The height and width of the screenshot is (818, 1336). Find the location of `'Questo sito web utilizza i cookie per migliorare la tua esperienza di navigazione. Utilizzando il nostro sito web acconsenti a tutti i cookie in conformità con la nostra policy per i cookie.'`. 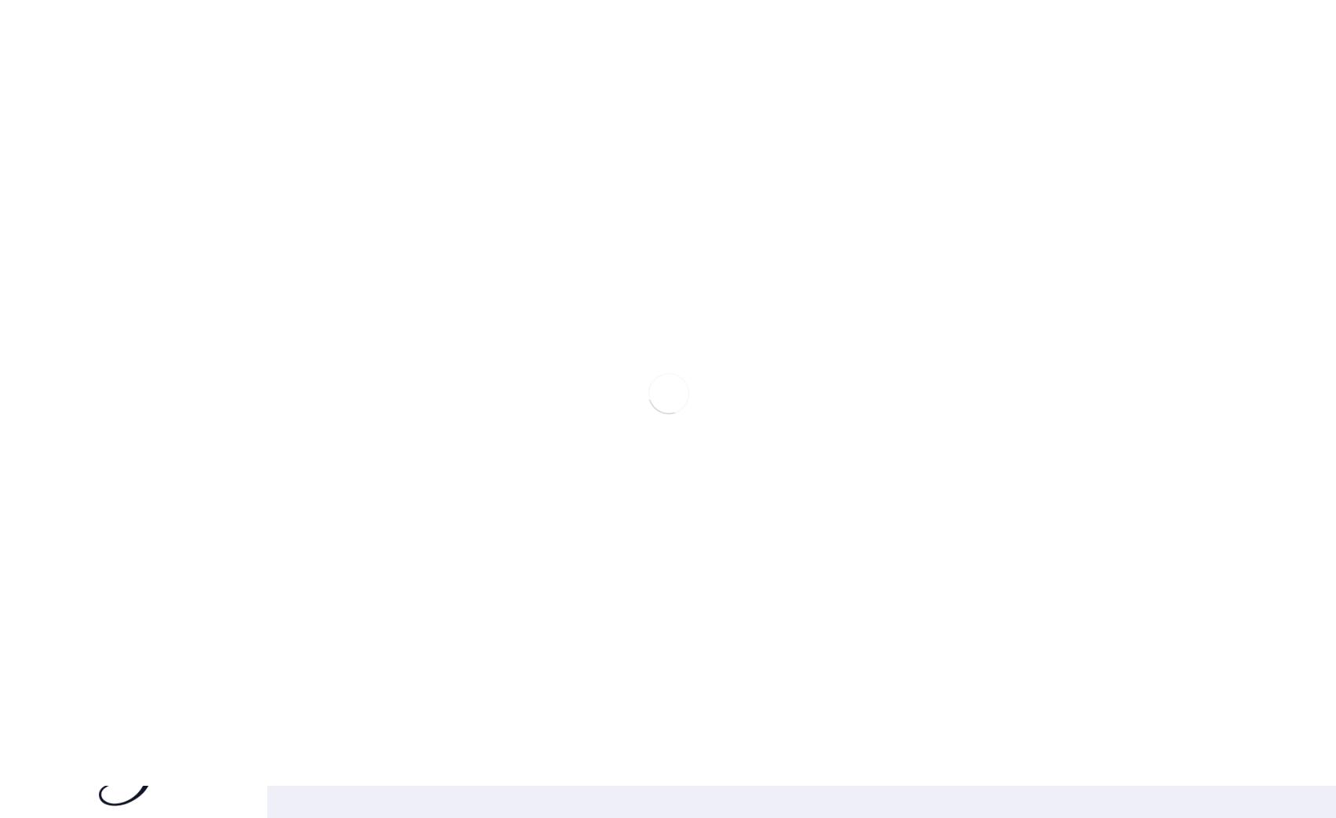

'Questo sito web utilizza i cookie per migliorare la tua esperienza di navigazione. Utilizzando il nostro sito web acconsenti a tutti i cookie in conformità con la nostra policy per i cookie.' is located at coordinates (1199, 567).